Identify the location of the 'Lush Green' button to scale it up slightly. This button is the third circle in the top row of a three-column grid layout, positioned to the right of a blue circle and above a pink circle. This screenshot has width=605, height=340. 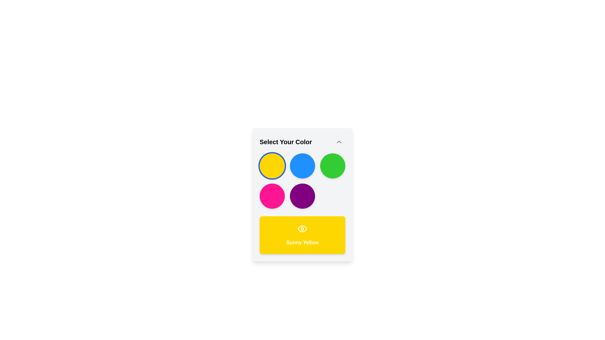
(332, 166).